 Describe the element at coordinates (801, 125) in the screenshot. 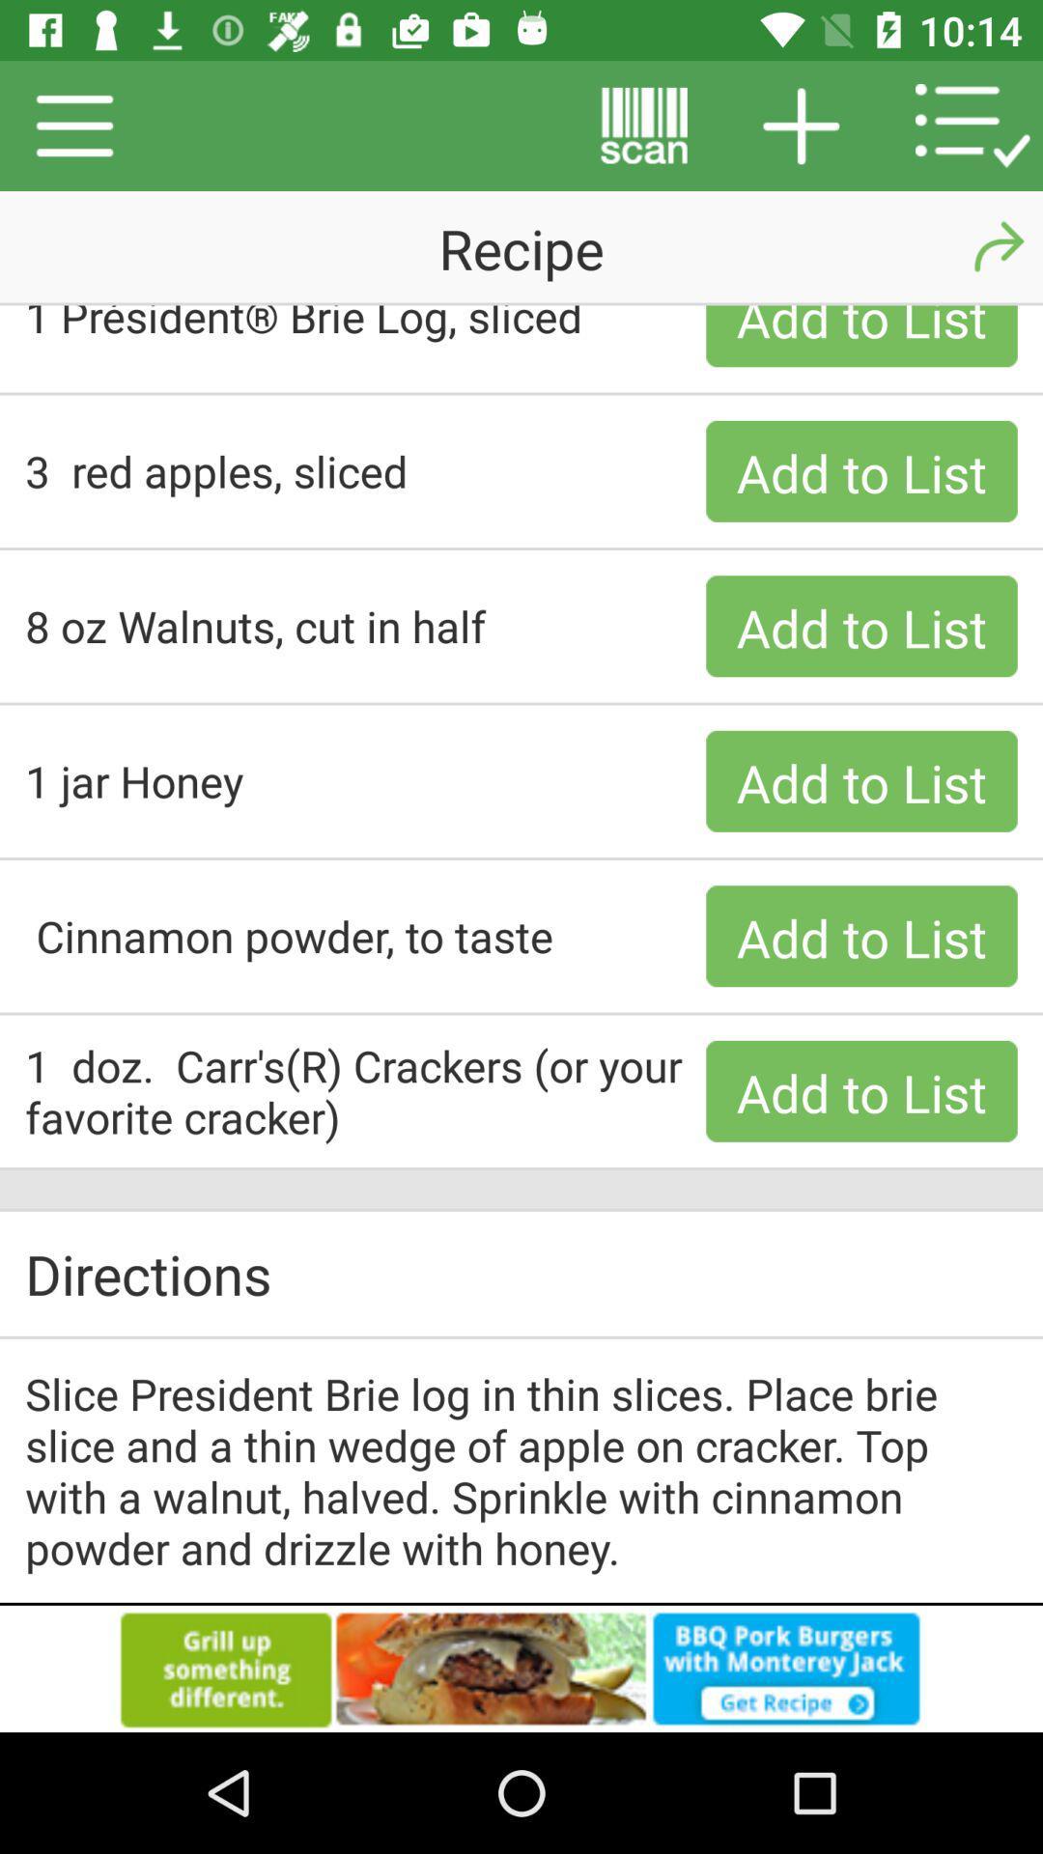

I see `the add icon` at that location.